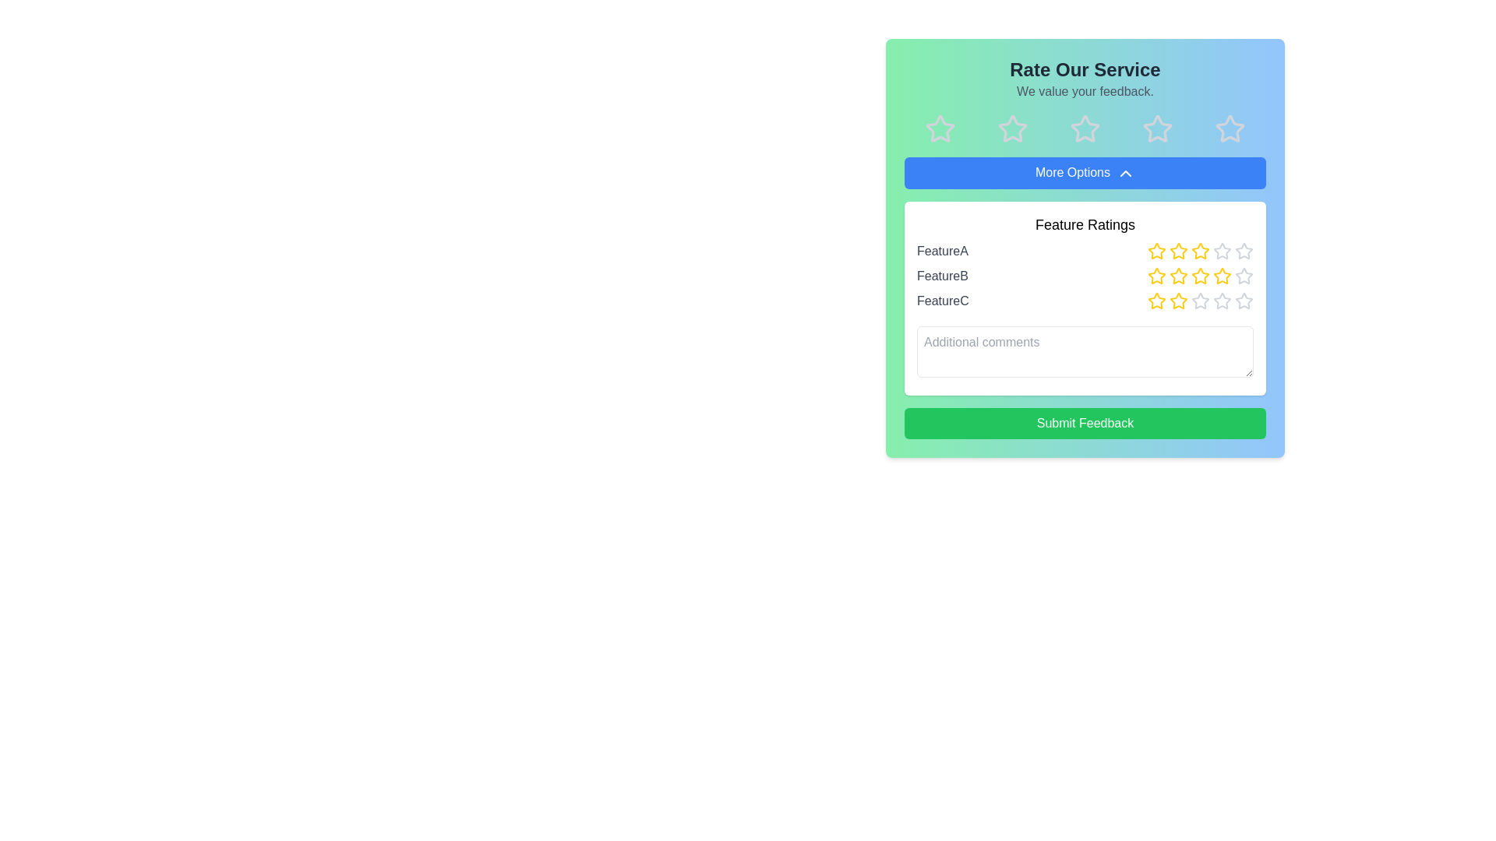 This screenshot has height=841, width=1496. Describe the element at coordinates (1156, 250) in the screenshot. I see `the first yellow outlined star icon in the third row of the 'Feature Ratings' section for 'FeatureA', which has a glowing effect to indicate interaction` at that location.